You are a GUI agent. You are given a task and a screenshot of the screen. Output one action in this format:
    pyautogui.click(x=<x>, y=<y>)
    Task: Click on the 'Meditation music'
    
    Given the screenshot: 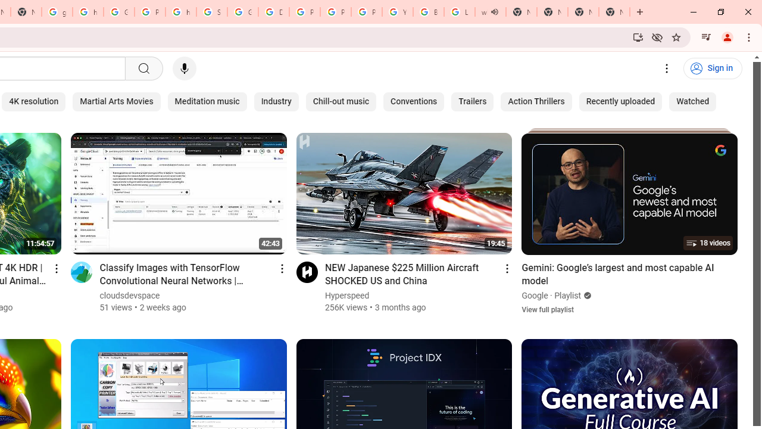 What is the action you would take?
    pyautogui.click(x=207, y=101)
    